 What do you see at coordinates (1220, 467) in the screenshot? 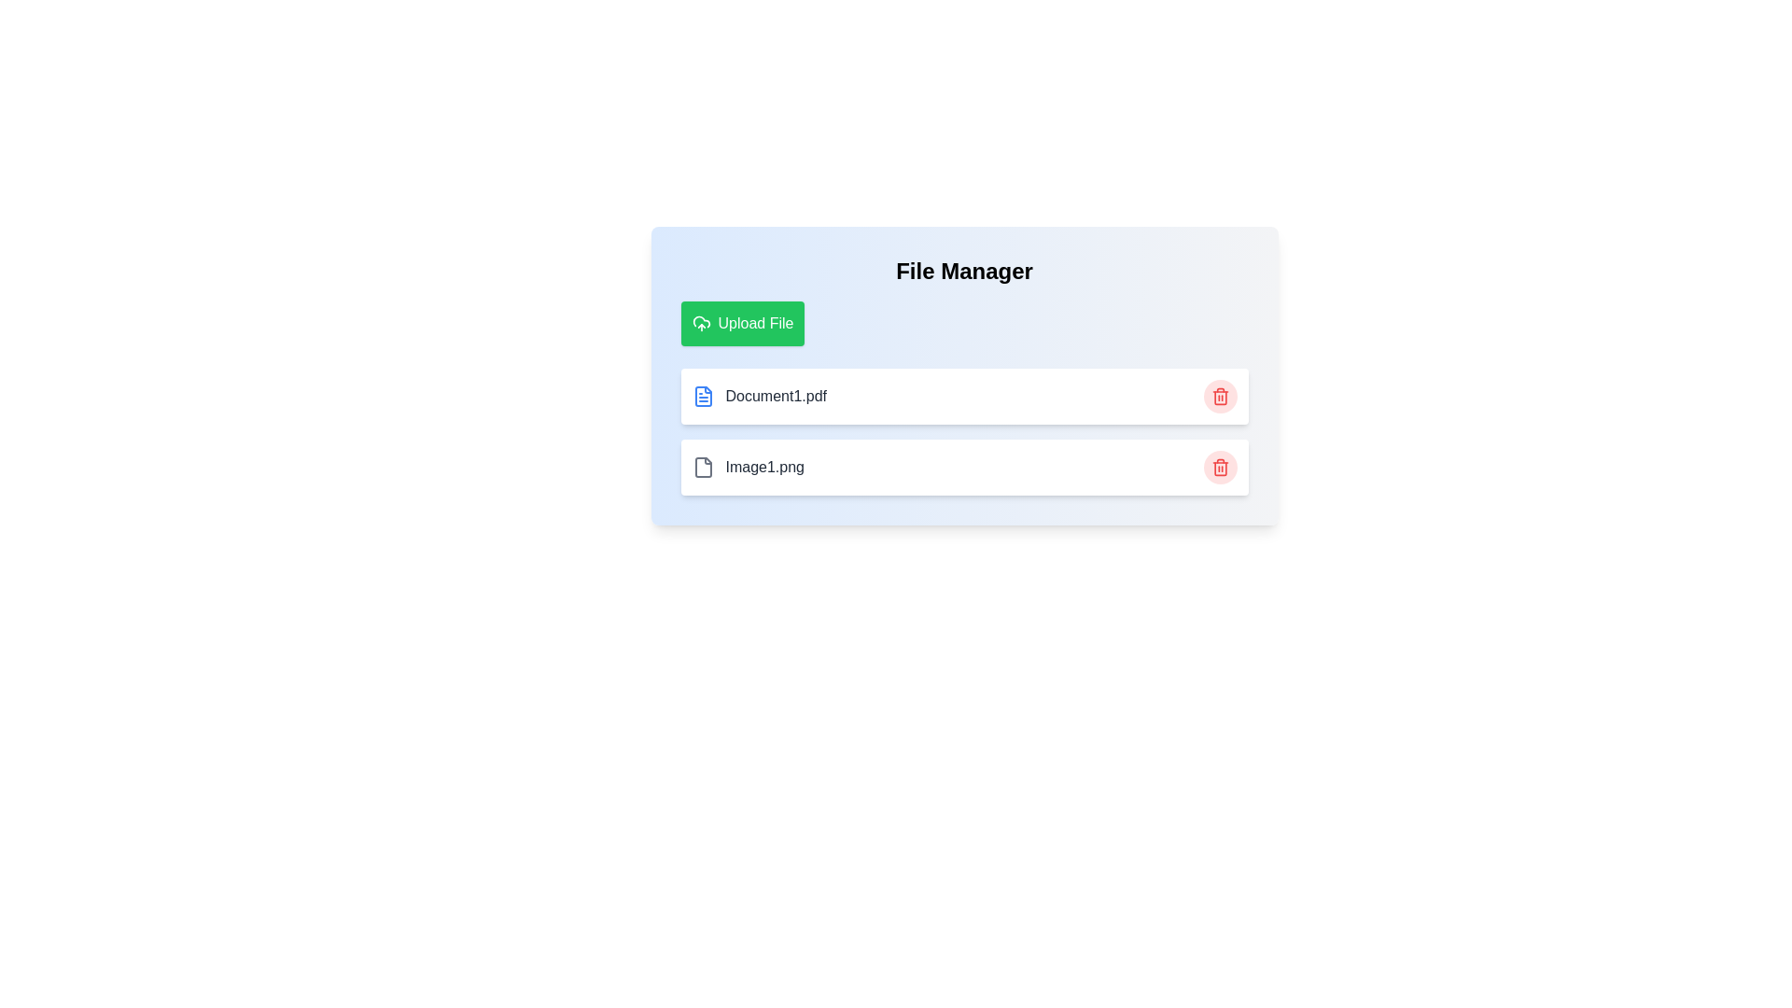
I see `the delete button for the file 'Image1.png' located at the right end of the second row in the card layout` at bounding box center [1220, 467].